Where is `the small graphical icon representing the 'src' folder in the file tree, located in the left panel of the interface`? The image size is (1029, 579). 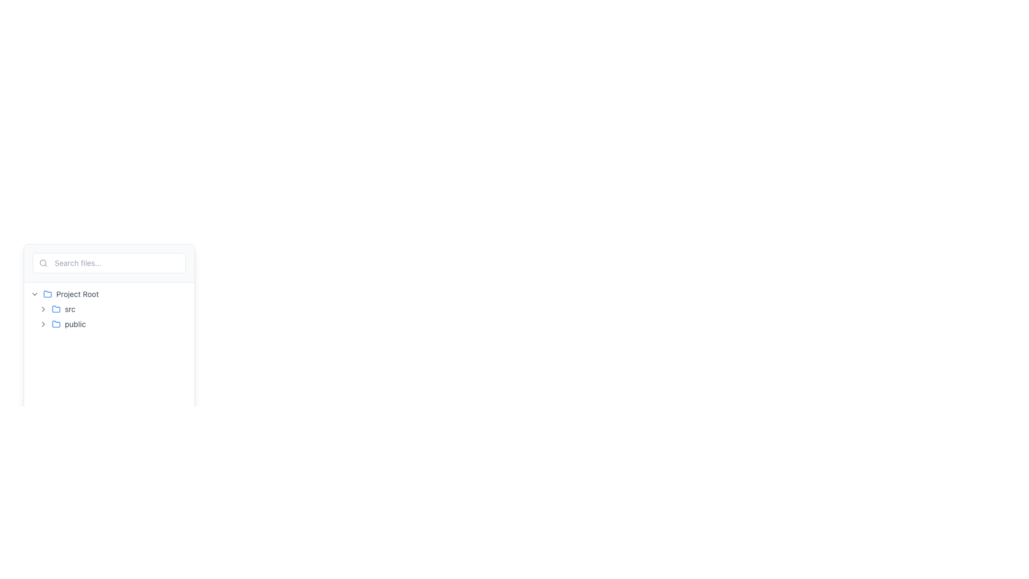 the small graphical icon representing the 'src' folder in the file tree, located in the left panel of the interface is located at coordinates (56, 308).